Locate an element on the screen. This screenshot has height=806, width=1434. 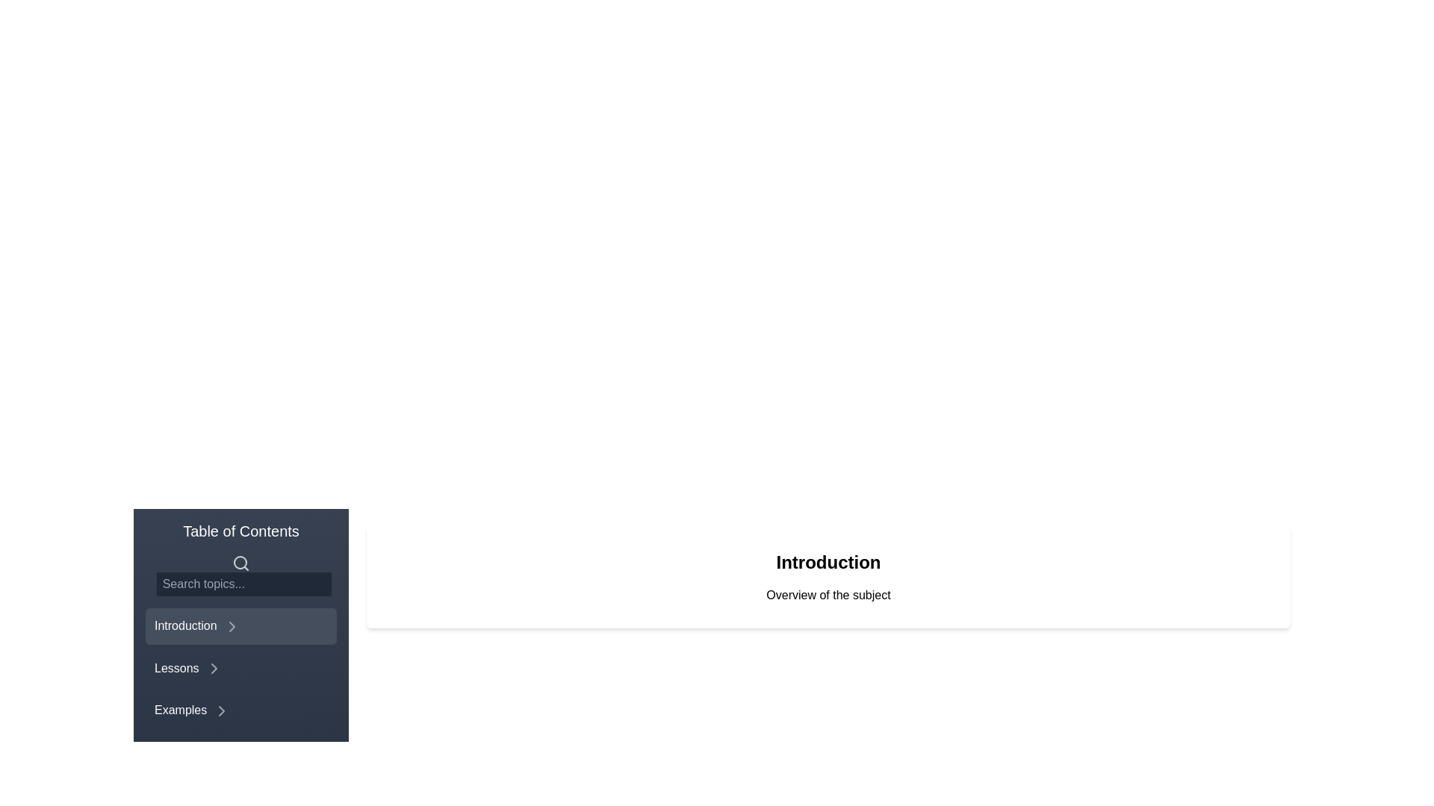
the third menu item button in the 'Table of Contents' sidebar is located at coordinates (240, 693).